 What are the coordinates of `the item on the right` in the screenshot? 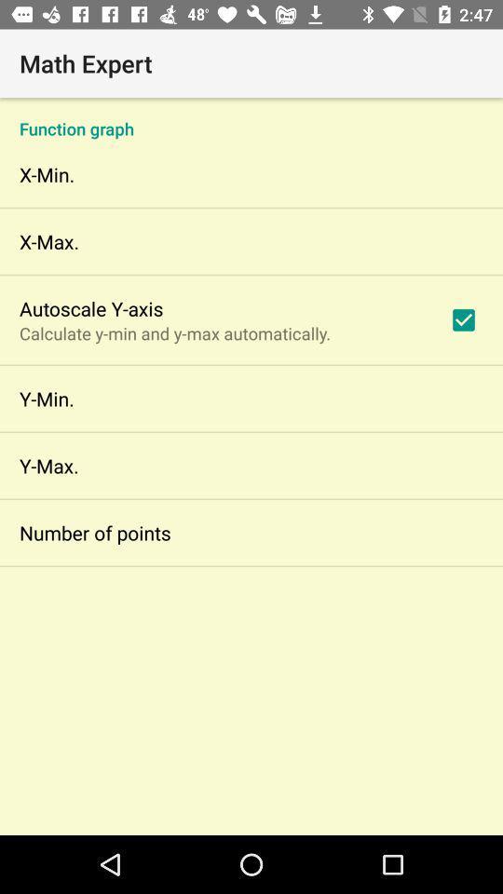 It's located at (462, 319).